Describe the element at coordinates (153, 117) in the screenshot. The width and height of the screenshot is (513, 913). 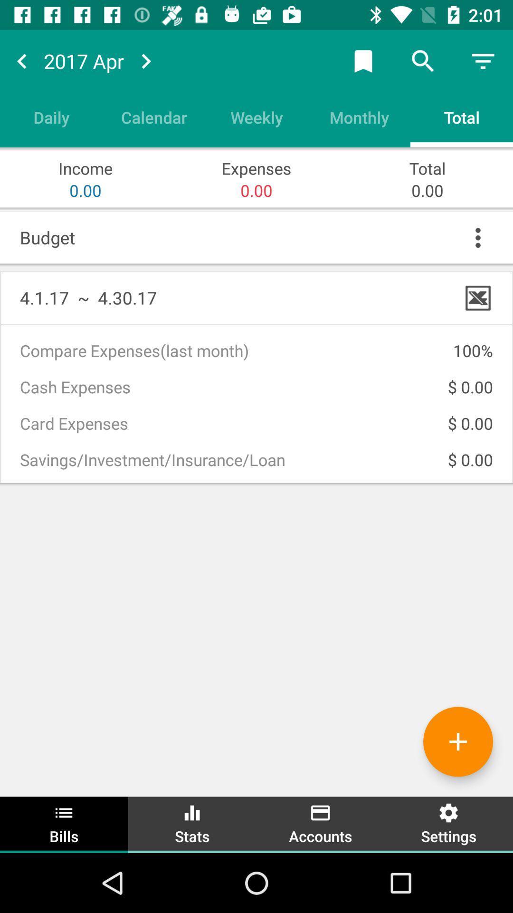
I see `item to the left of the weekly icon` at that location.